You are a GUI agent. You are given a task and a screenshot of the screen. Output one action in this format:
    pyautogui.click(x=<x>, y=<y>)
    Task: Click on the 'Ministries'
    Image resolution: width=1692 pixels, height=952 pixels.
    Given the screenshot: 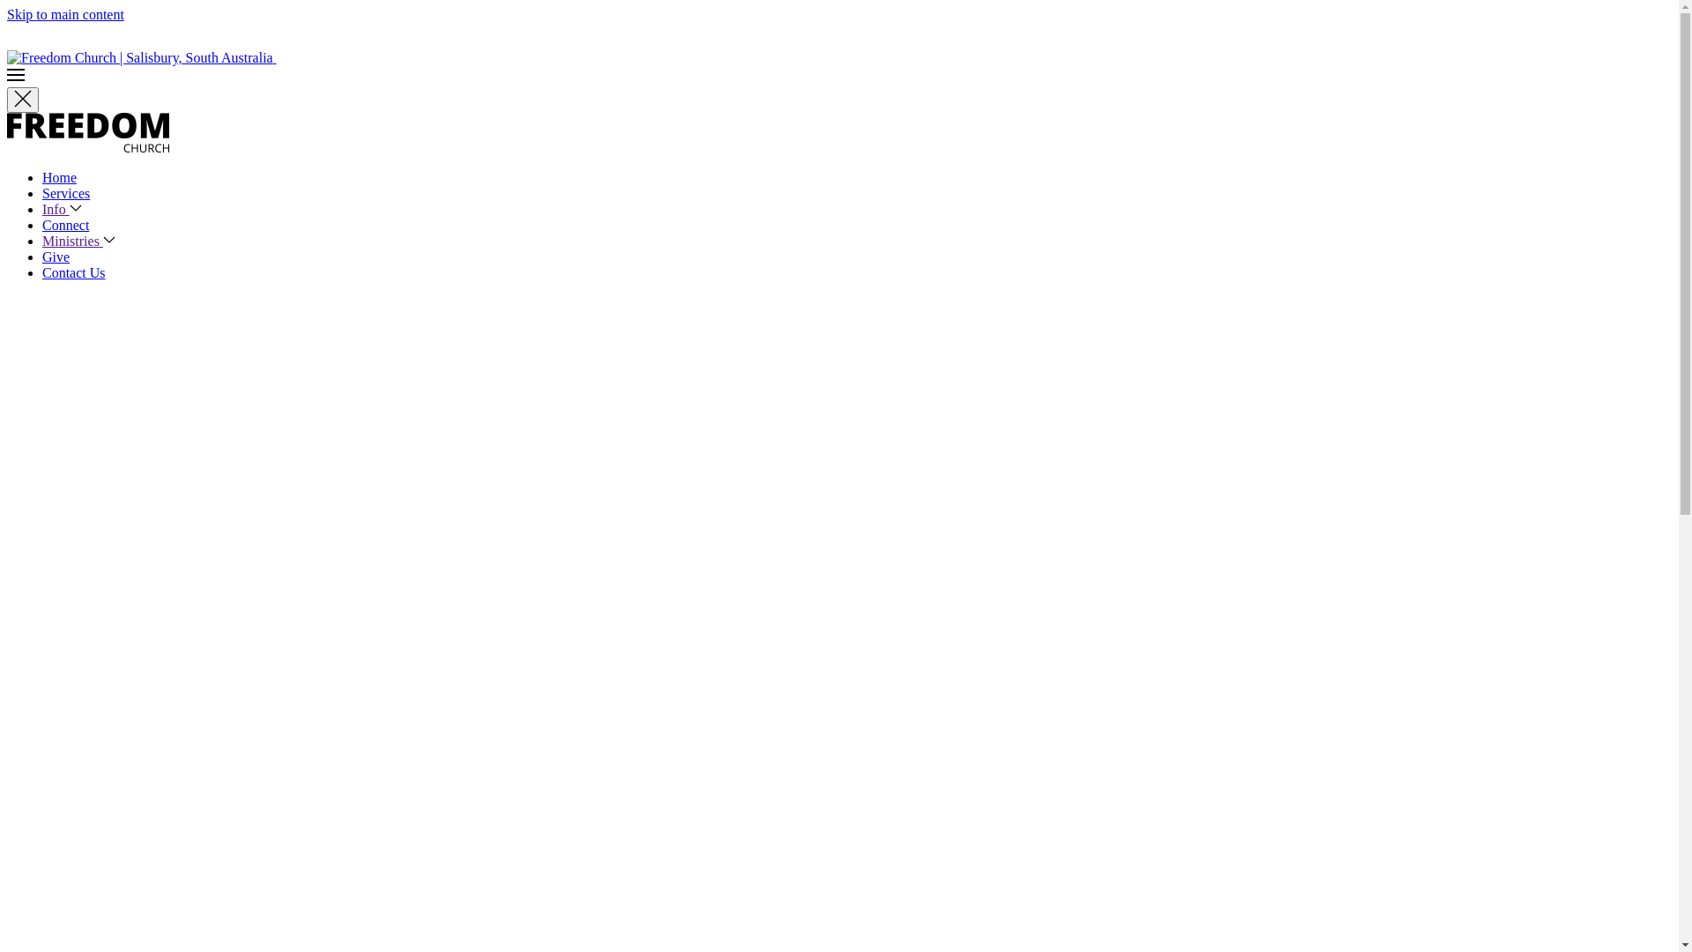 What is the action you would take?
    pyautogui.click(x=78, y=241)
    